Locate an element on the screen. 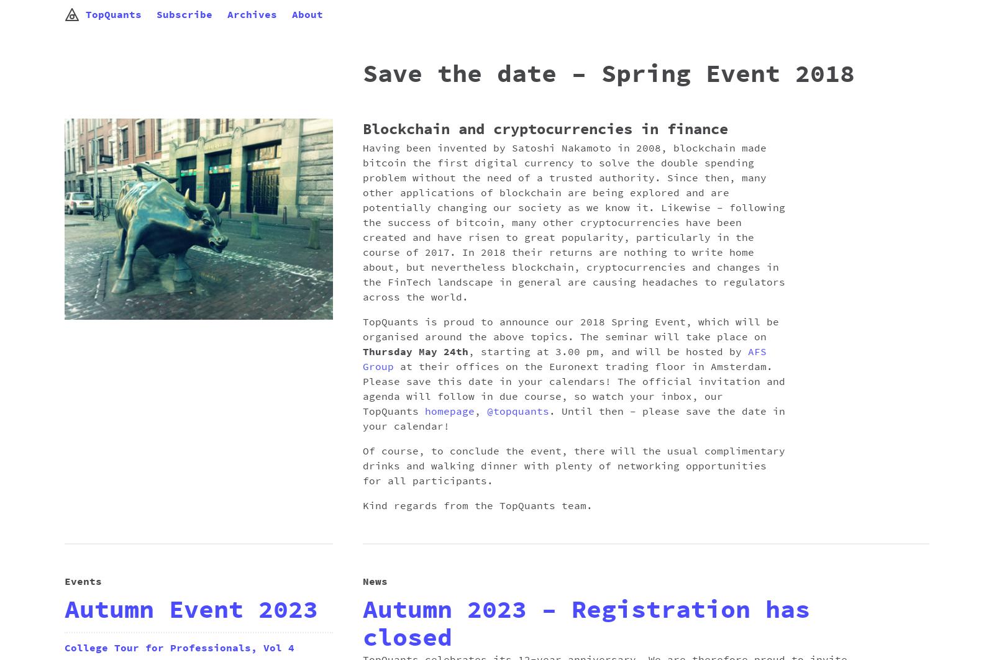 The image size is (994, 660). 'News' is located at coordinates (375, 581).